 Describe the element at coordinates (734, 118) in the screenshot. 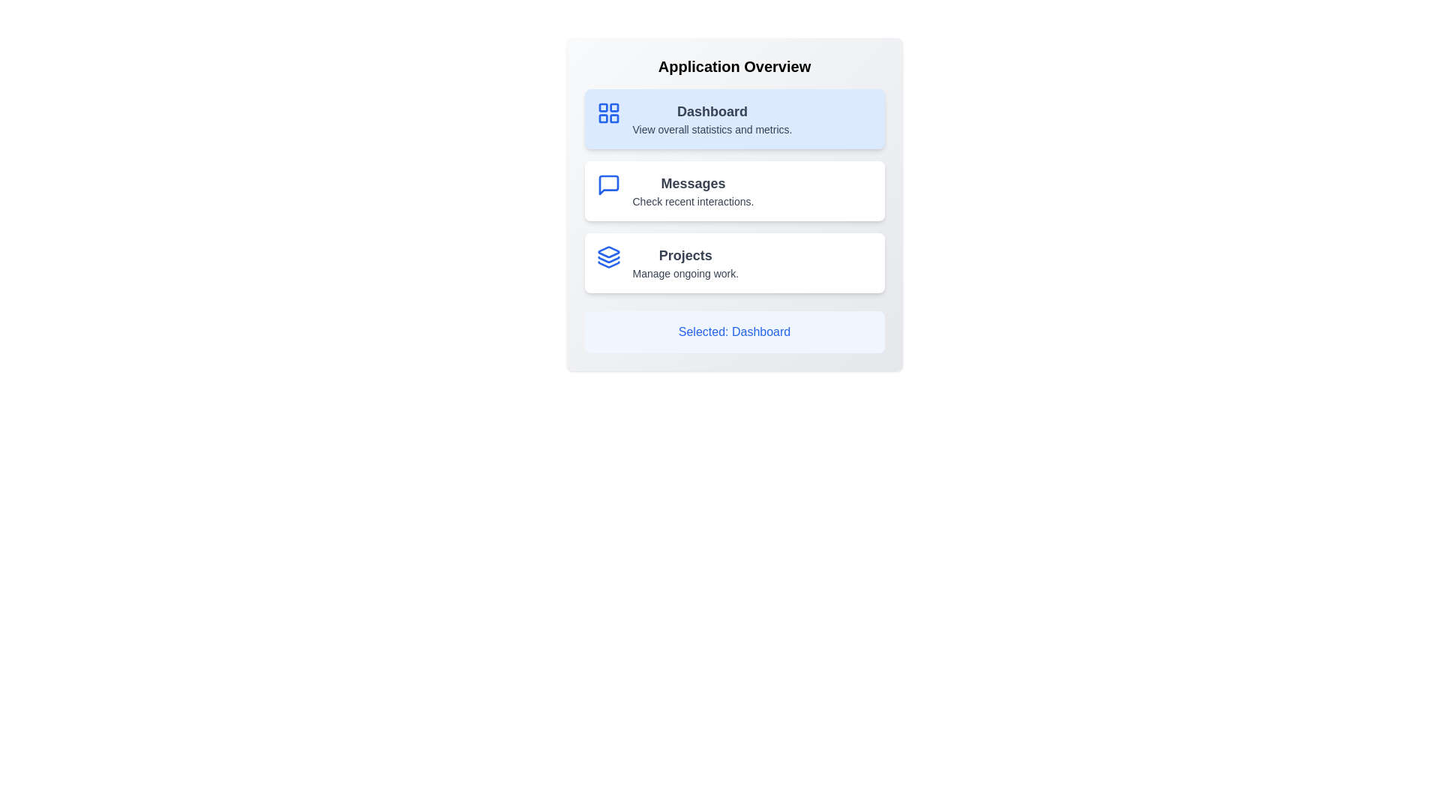

I see `the option Dashboard from the list` at that location.